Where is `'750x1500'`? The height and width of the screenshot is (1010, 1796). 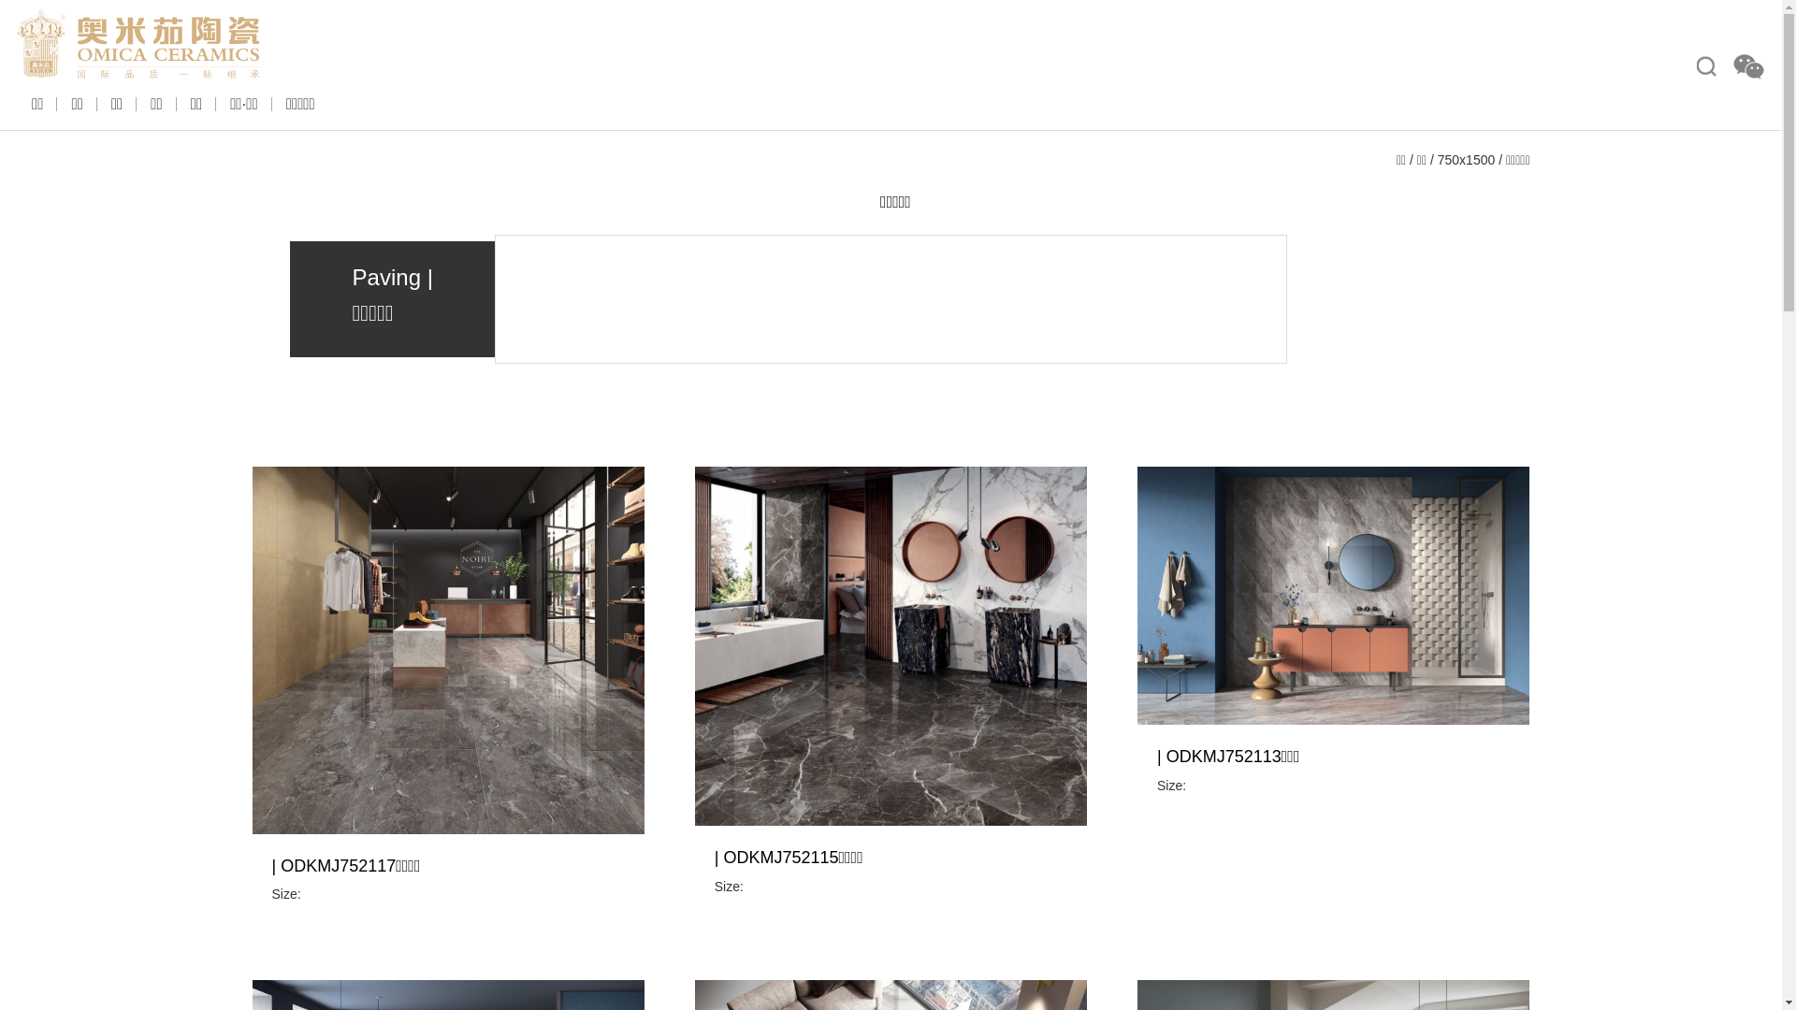 '750x1500' is located at coordinates (1466, 158).